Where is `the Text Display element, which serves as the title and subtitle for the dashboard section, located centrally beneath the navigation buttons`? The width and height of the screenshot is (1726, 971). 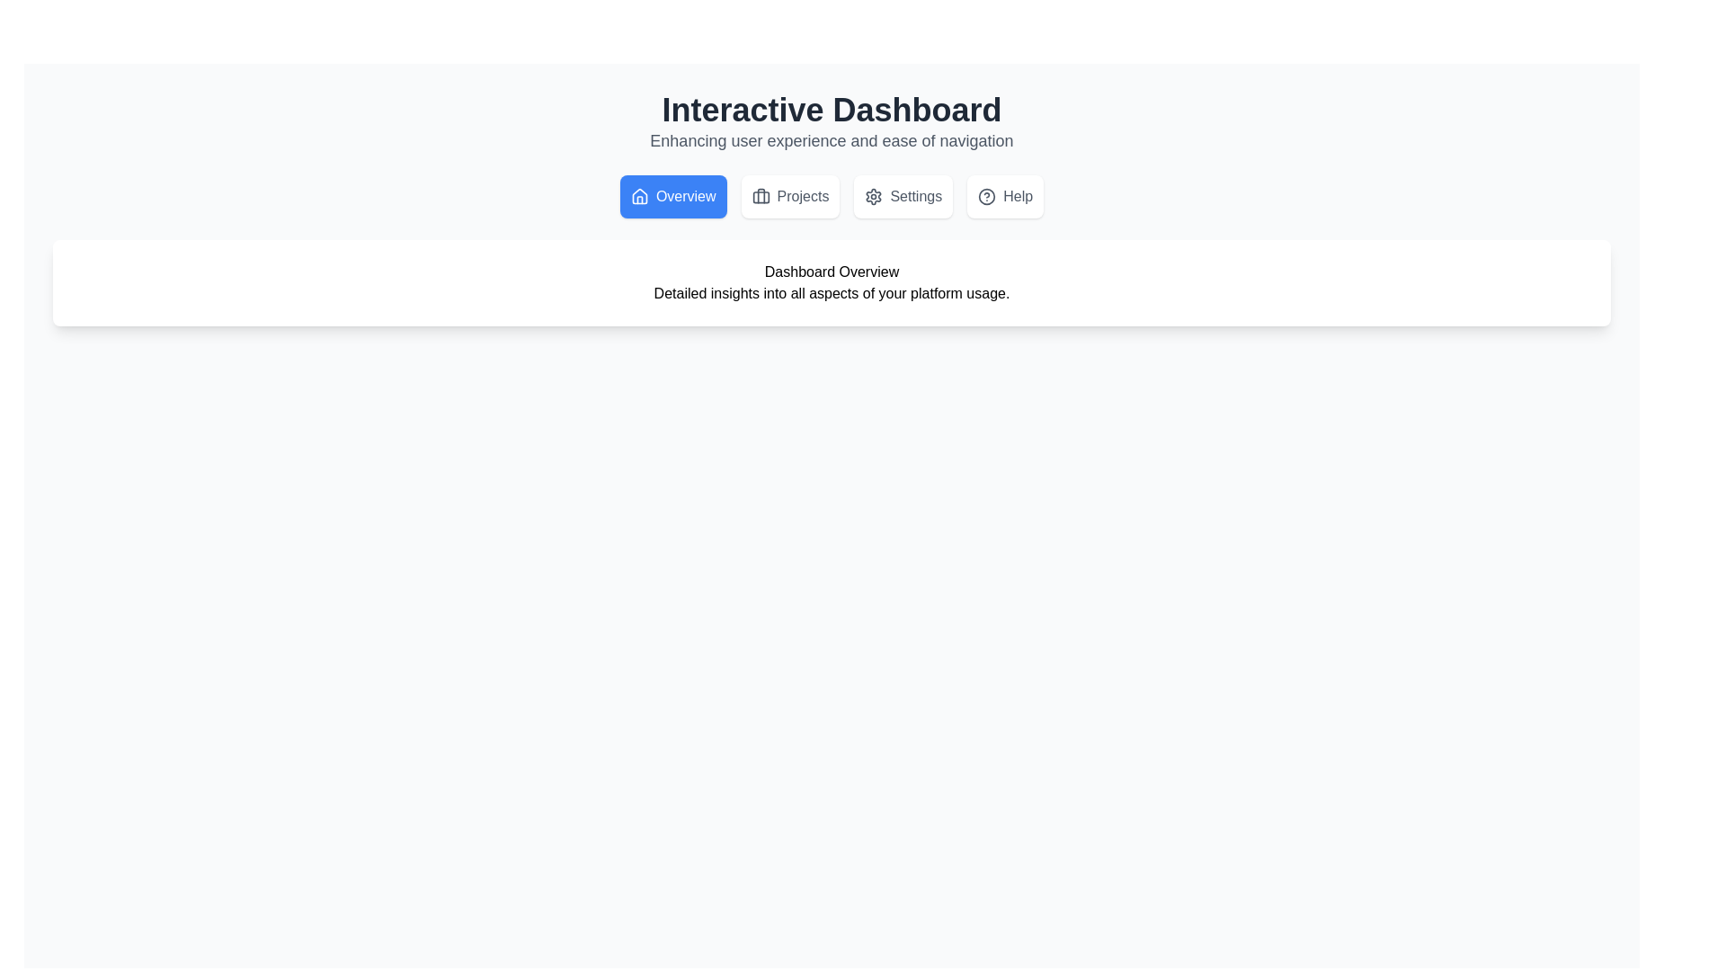
the Text Display element, which serves as the title and subtitle for the dashboard section, located centrally beneath the navigation buttons is located at coordinates (831, 283).